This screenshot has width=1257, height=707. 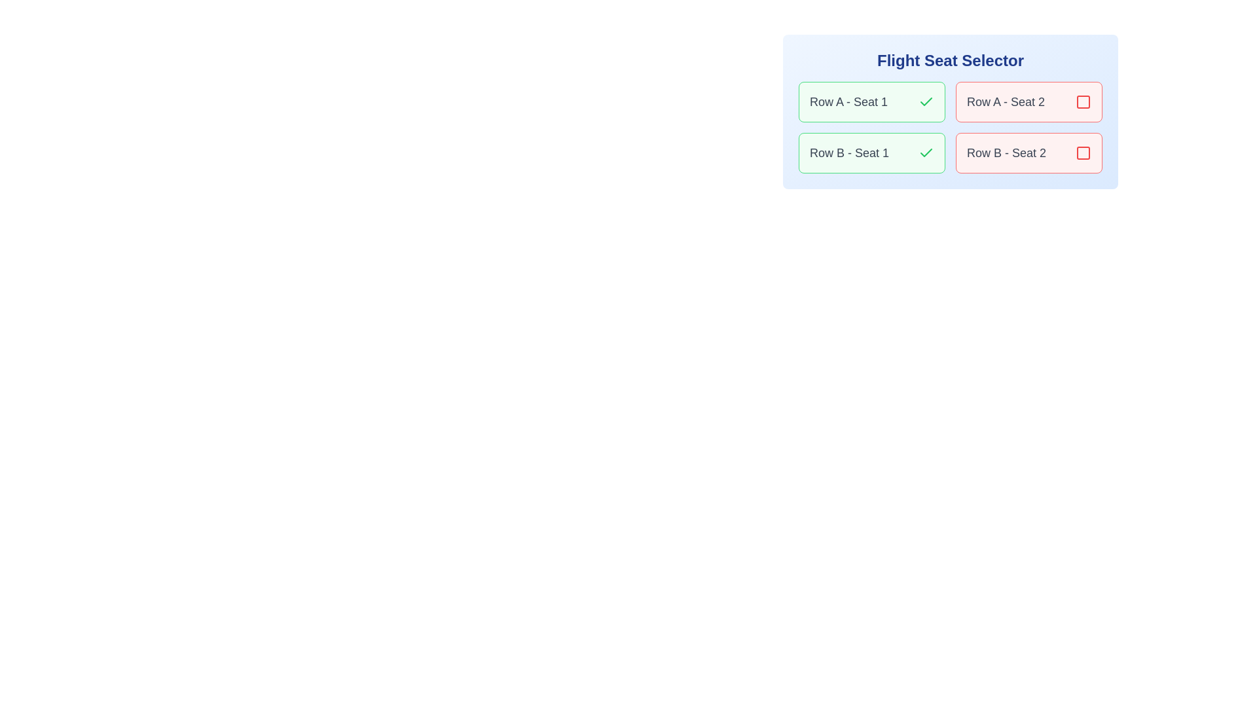 I want to click on the red square button with a rounded border located in the 'Row A - Seat 2' box, so click(x=1084, y=101).